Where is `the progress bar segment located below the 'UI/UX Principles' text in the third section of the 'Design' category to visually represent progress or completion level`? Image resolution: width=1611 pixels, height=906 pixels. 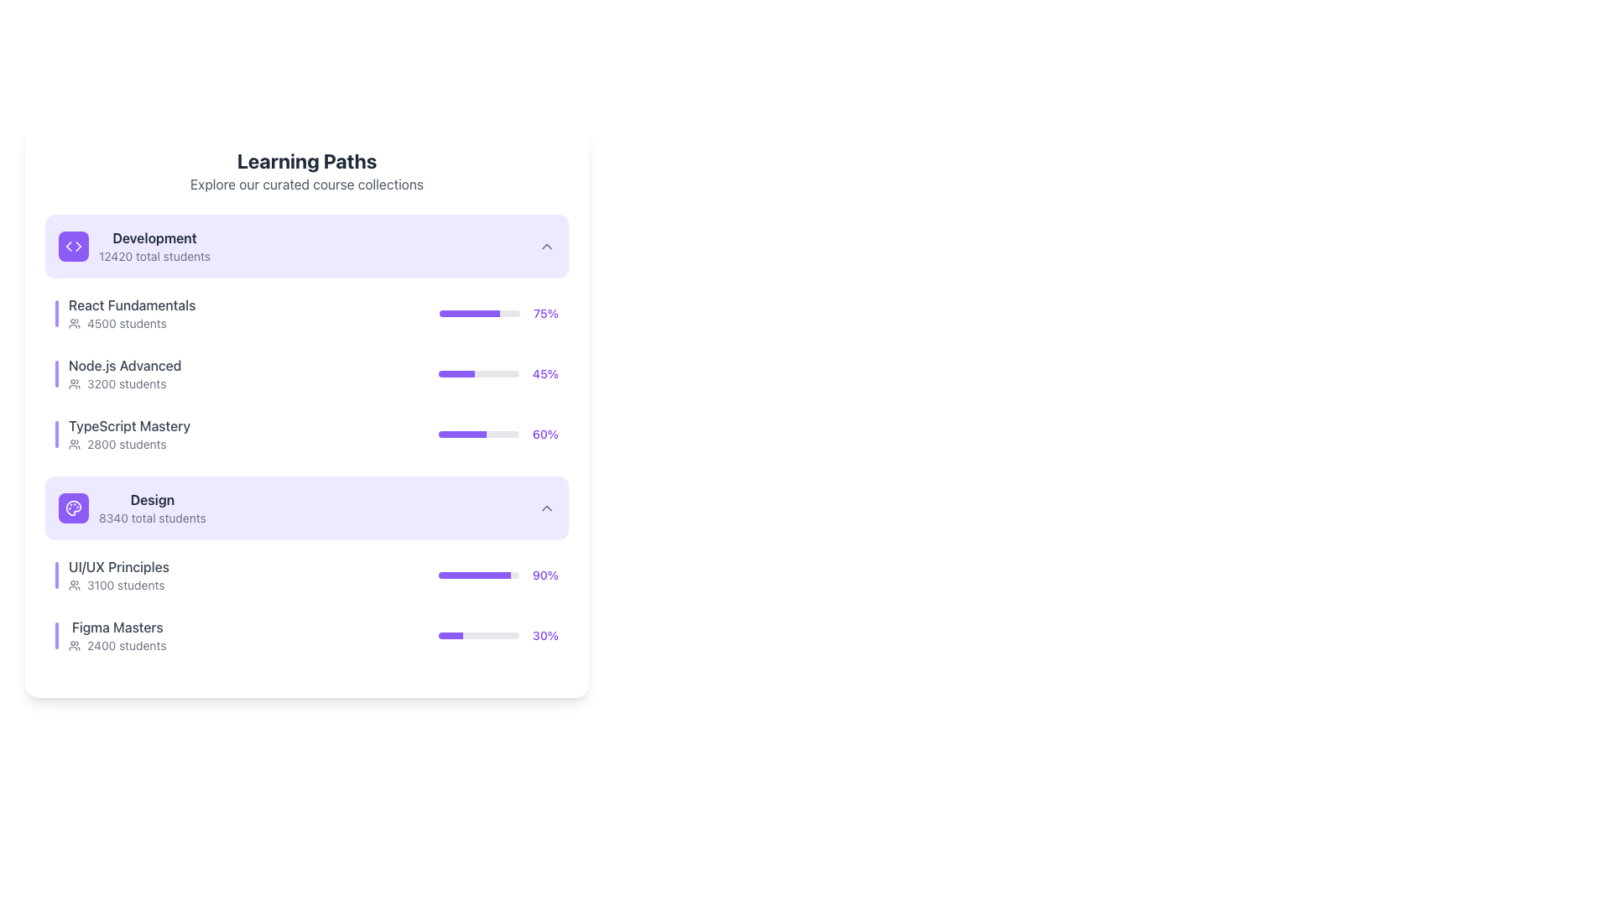
the progress bar segment located below the 'UI/UX Principles' text in the third section of the 'Design' category to visually represent progress or completion level is located at coordinates (474, 575).